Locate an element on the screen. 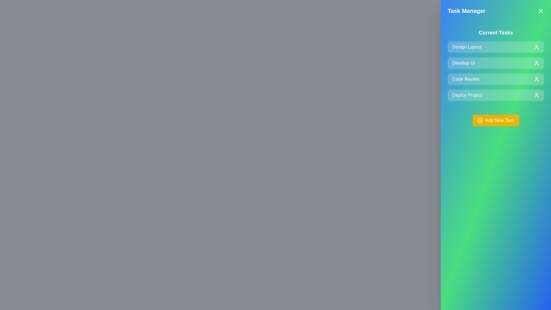  the 'Code Review' task label in the current tasks list located in the right panel of the interface is located at coordinates (466, 79).